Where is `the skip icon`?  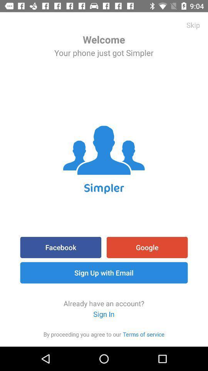
the skip icon is located at coordinates (193, 25).